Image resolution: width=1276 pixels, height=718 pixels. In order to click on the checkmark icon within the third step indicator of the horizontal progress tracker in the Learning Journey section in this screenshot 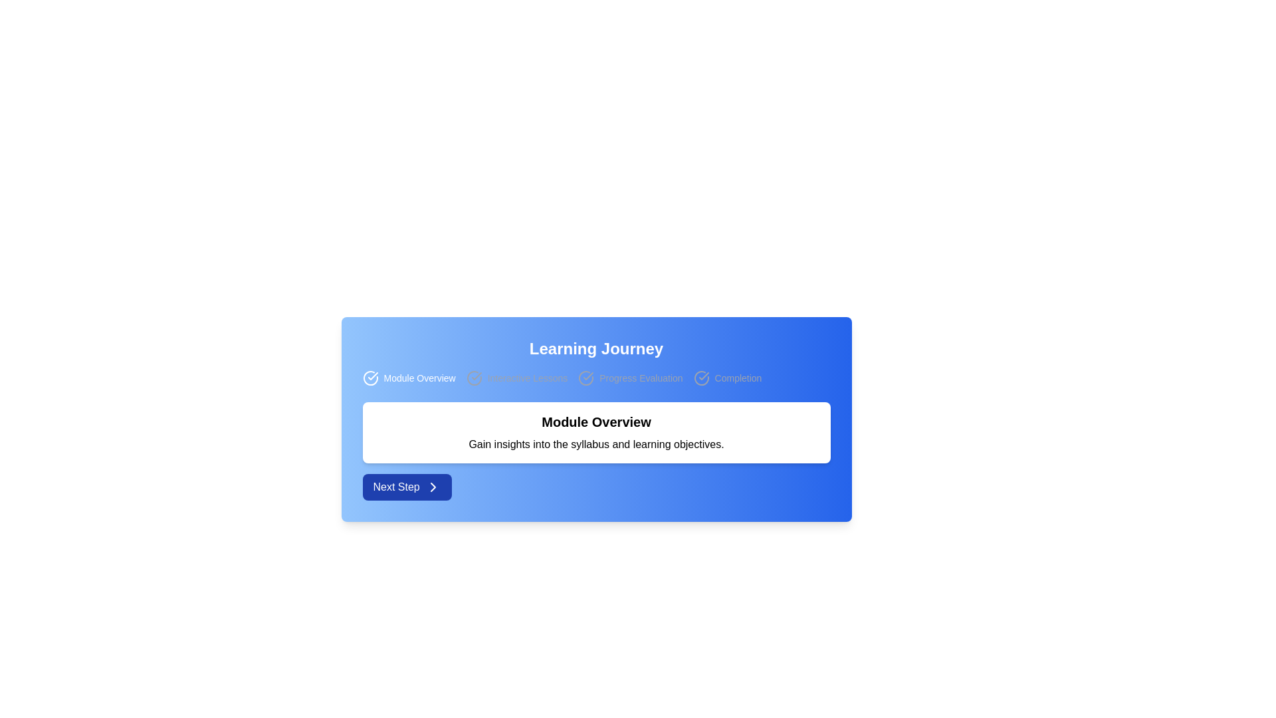, I will do `click(587, 376)`.